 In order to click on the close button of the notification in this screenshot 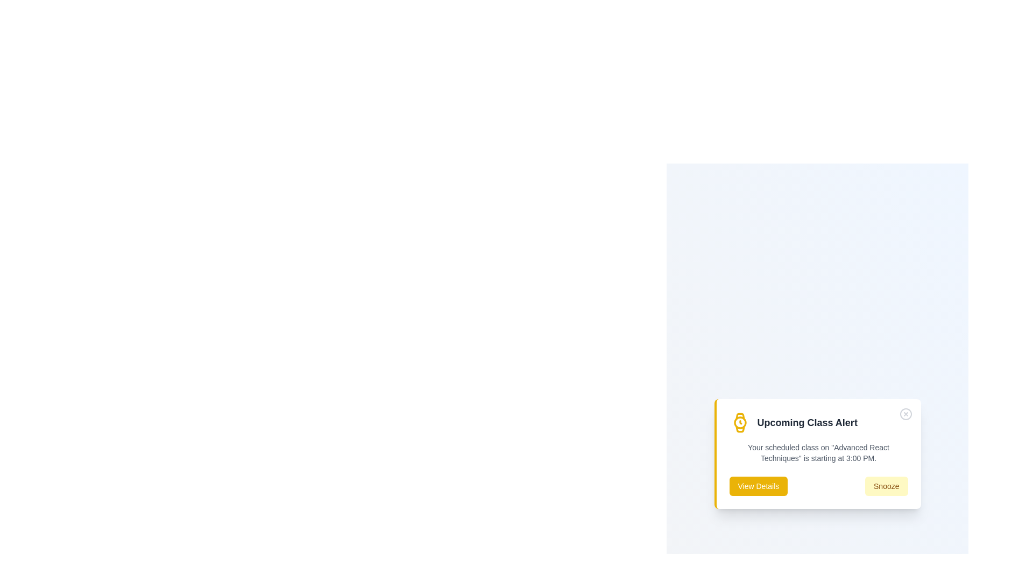, I will do `click(905, 414)`.